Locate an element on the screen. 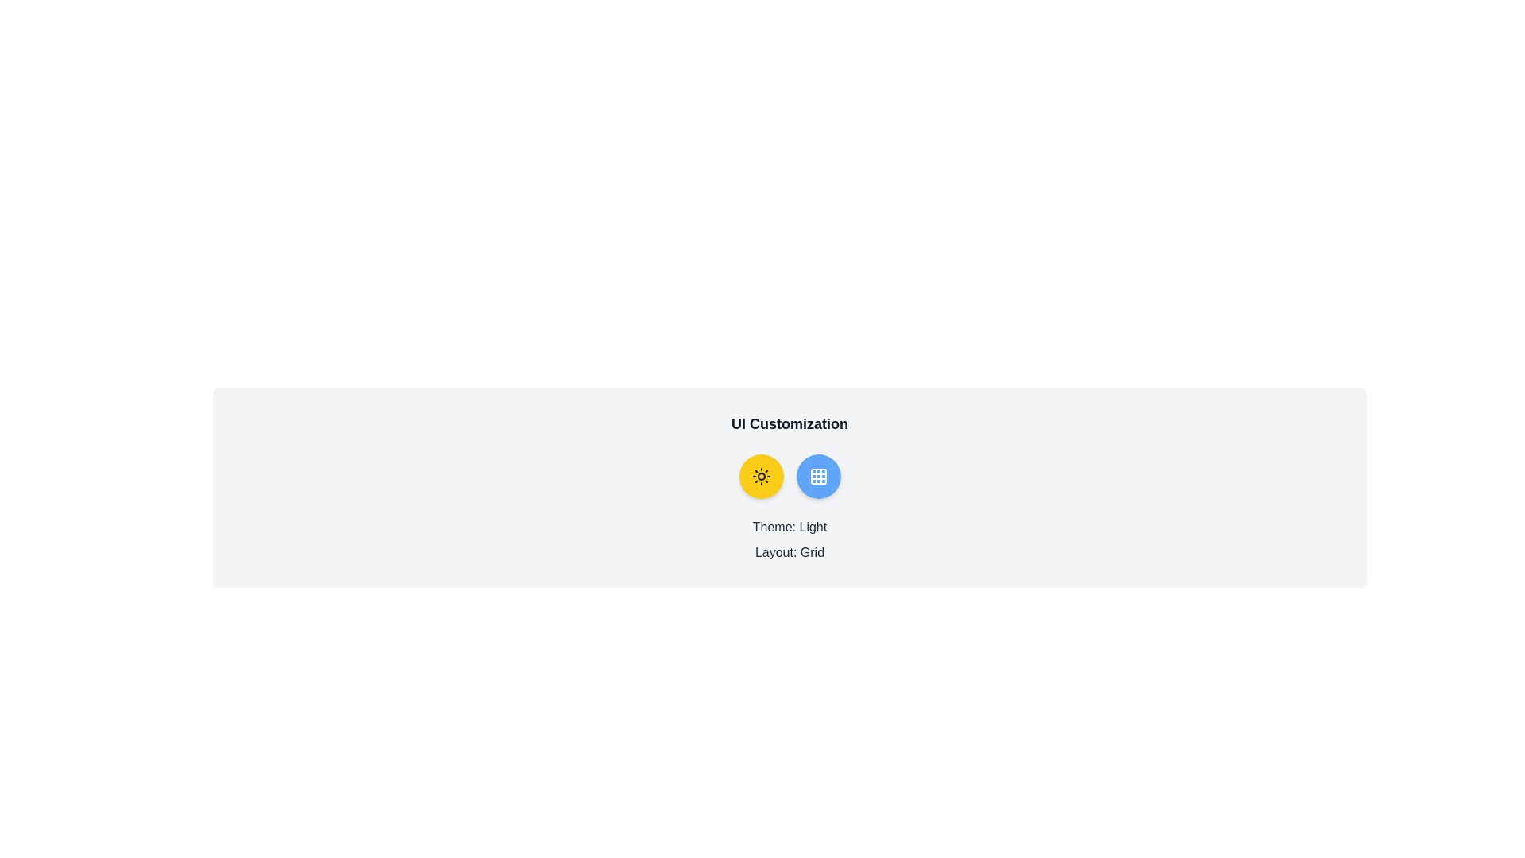  the Button Group containing a yellow sun icon and a blue grid icon for theme and layout toggles, located in the UI Customization panel is located at coordinates (790, 476).